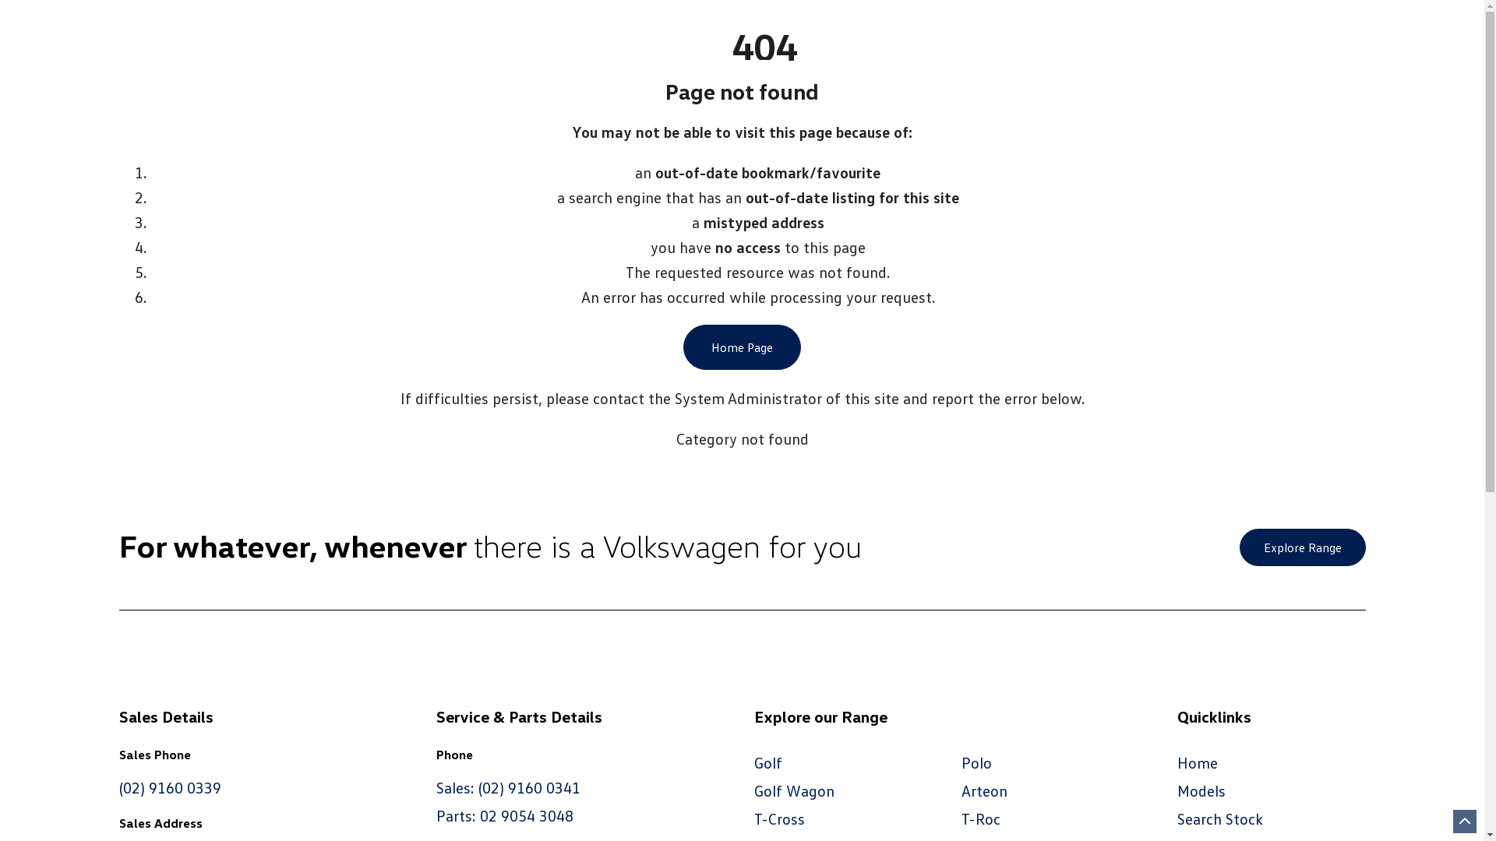  What do you see at coordinates (779, 817) in the screenshot?
I see `'T-Cross'` at bounding box center [779, 817].